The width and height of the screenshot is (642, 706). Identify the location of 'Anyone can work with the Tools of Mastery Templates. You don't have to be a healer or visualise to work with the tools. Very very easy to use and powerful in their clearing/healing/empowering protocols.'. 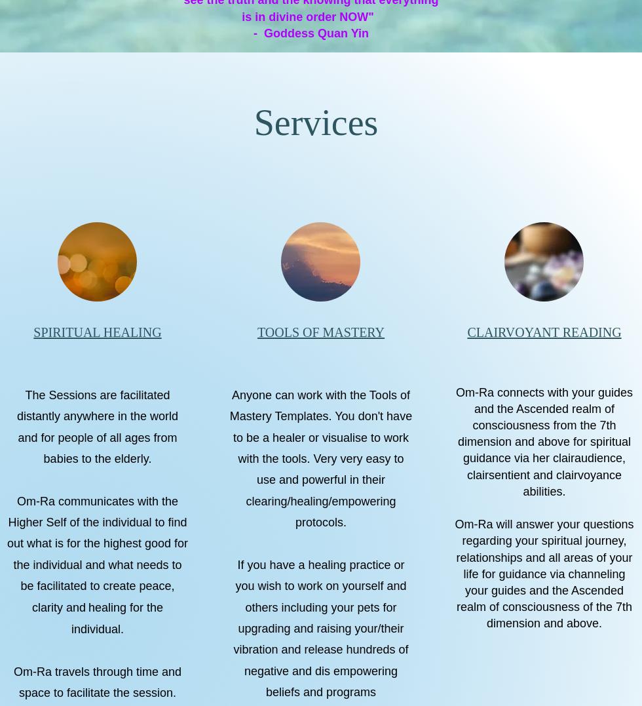
(229, 458).